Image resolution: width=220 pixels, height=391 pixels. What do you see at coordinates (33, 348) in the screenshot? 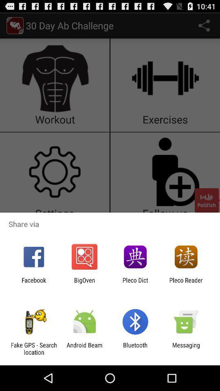
I see `item next to android beam item` at bounding box center [33, 348].